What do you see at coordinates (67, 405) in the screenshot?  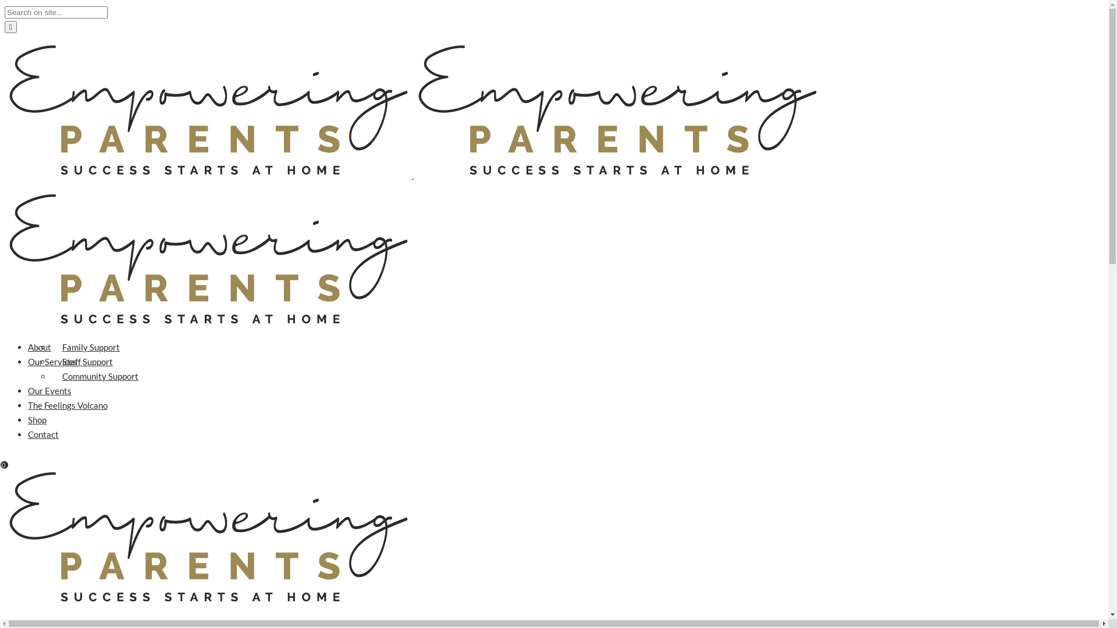 I see `'The Feelings Volcano'` at bounding box center [67, 405].